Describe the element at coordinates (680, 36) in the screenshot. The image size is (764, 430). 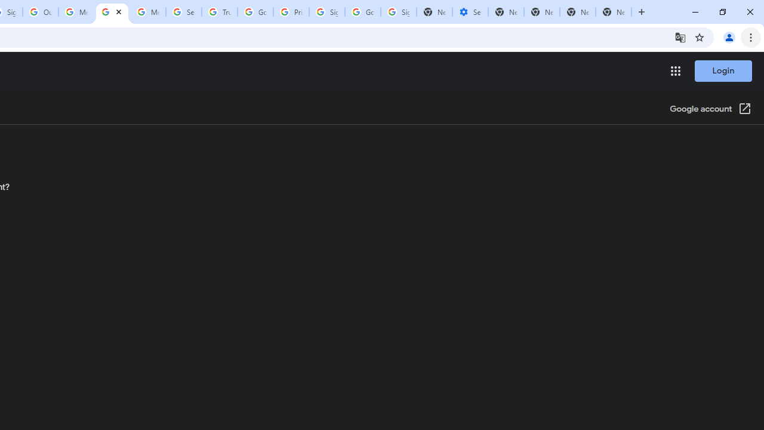
I see `'Translate this page'` at that location.